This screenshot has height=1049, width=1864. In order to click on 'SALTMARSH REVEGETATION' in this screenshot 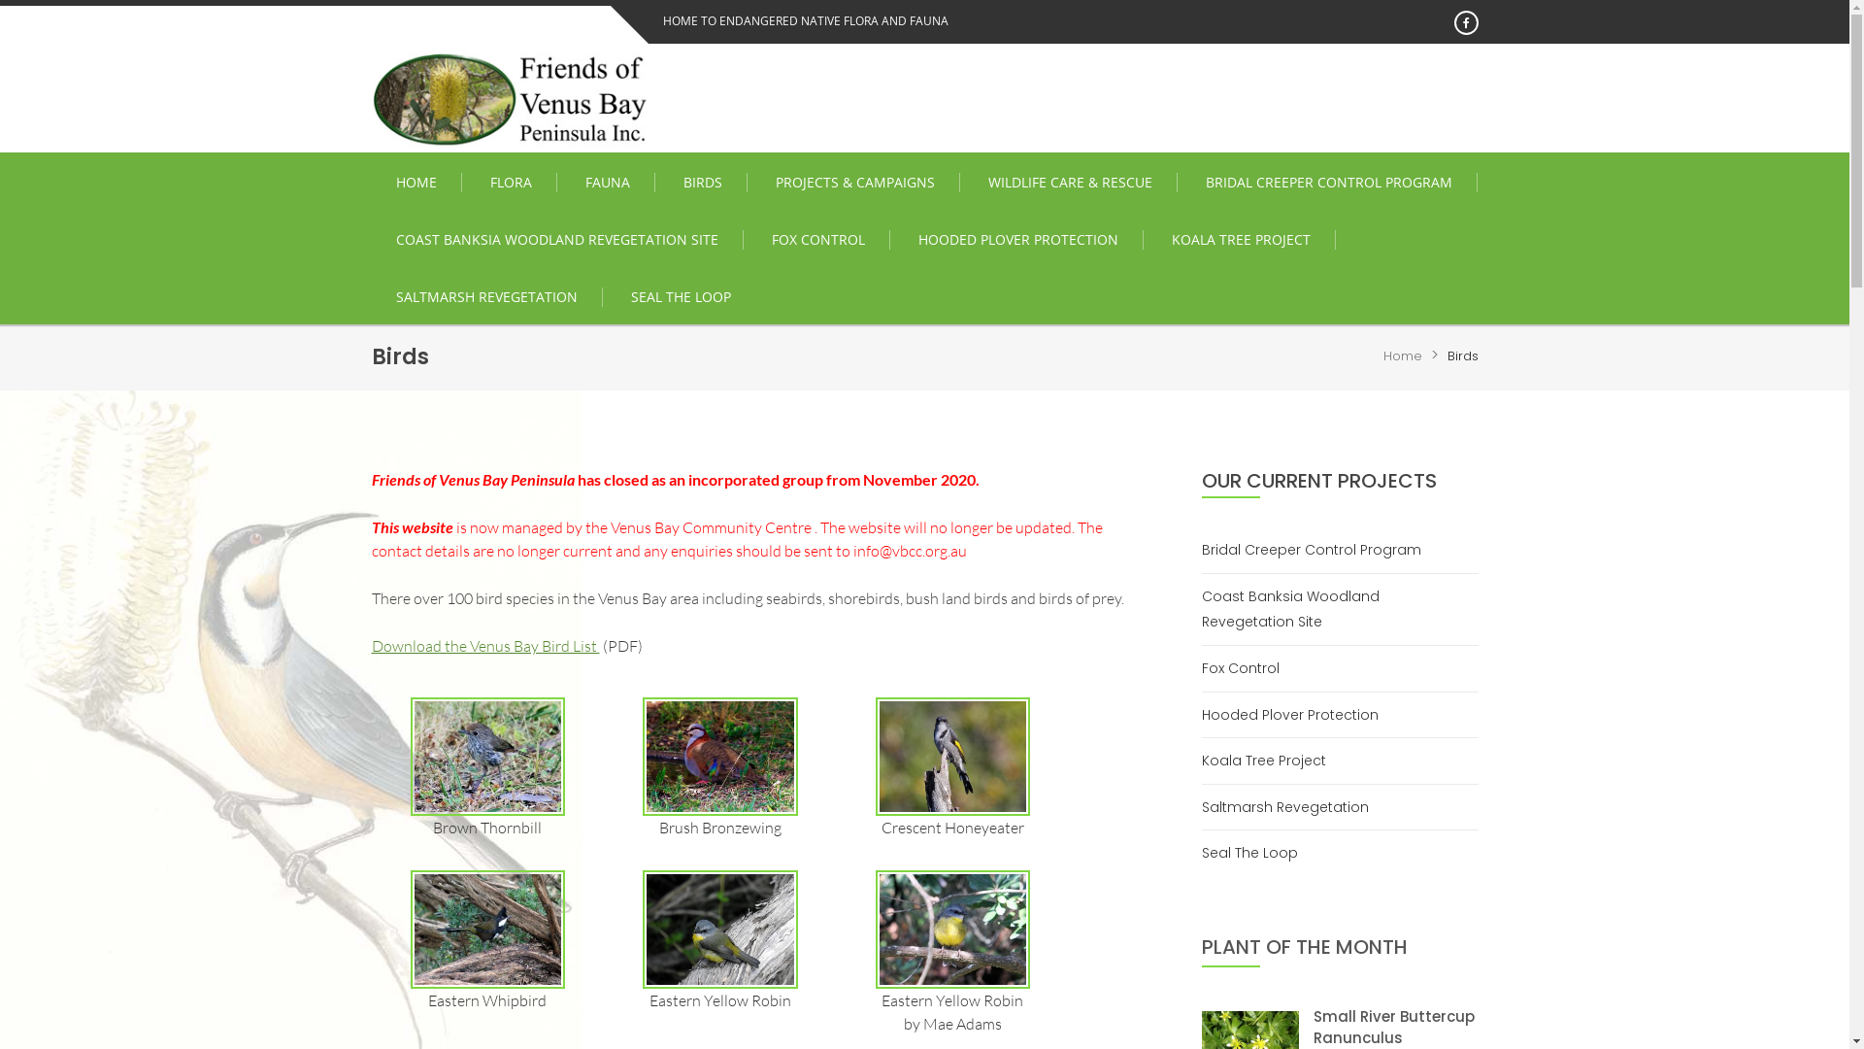, I will do `click(485, 296)`.